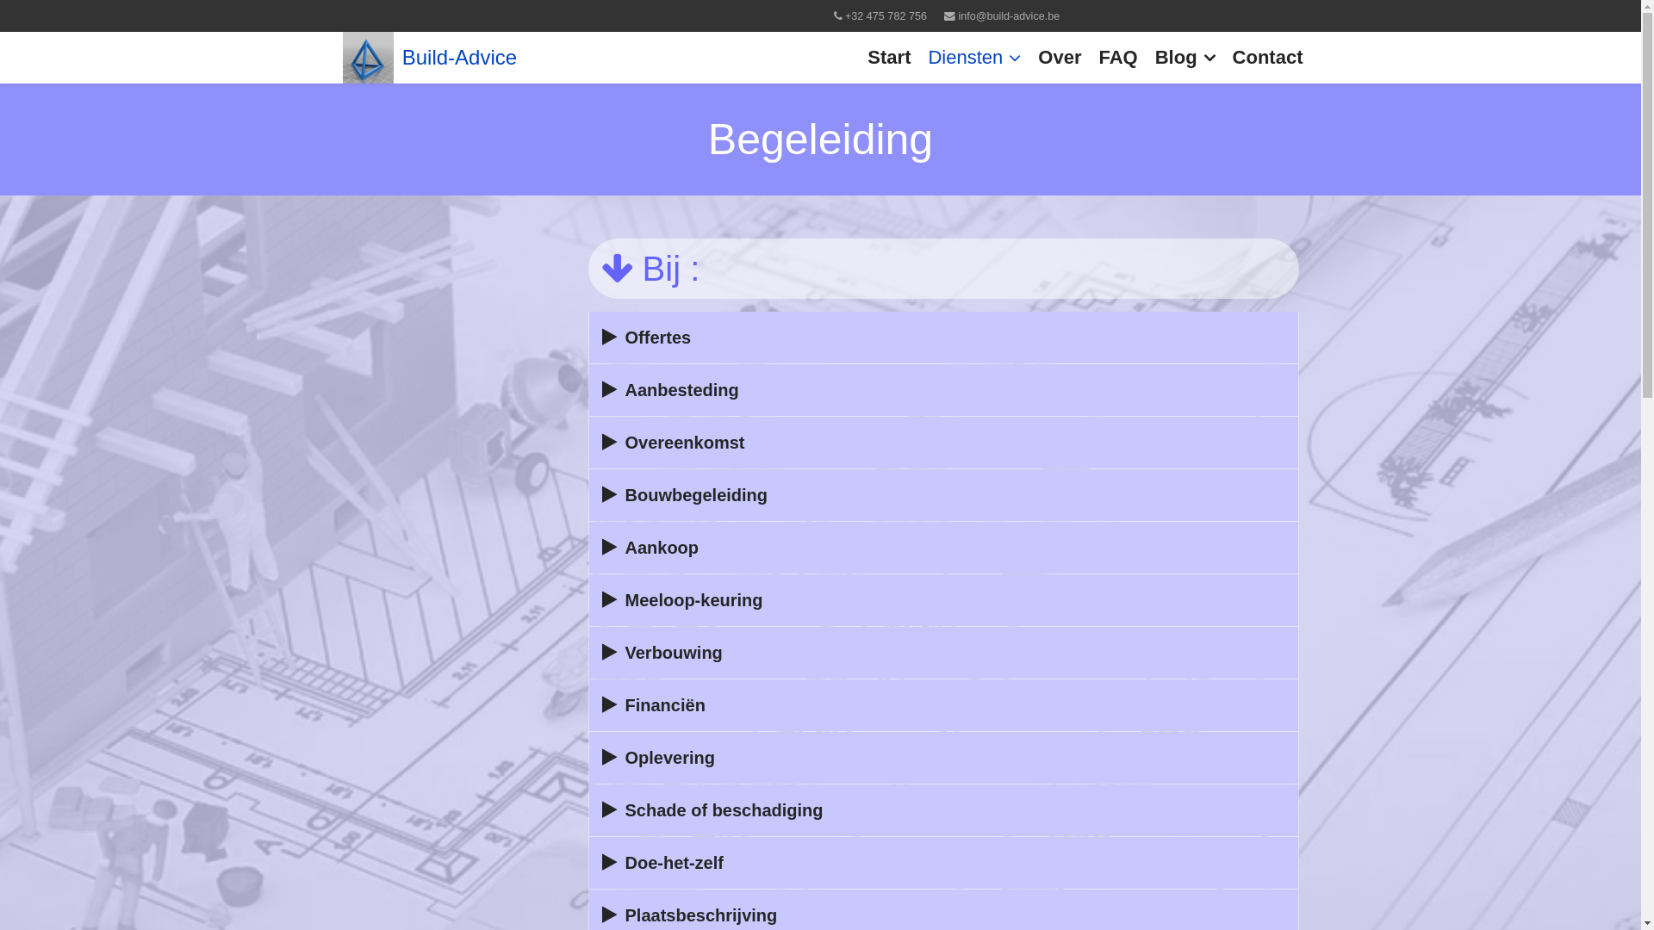 The image size is (1654, 930). I want to click on 'Build-Advice', so click(455, 56).